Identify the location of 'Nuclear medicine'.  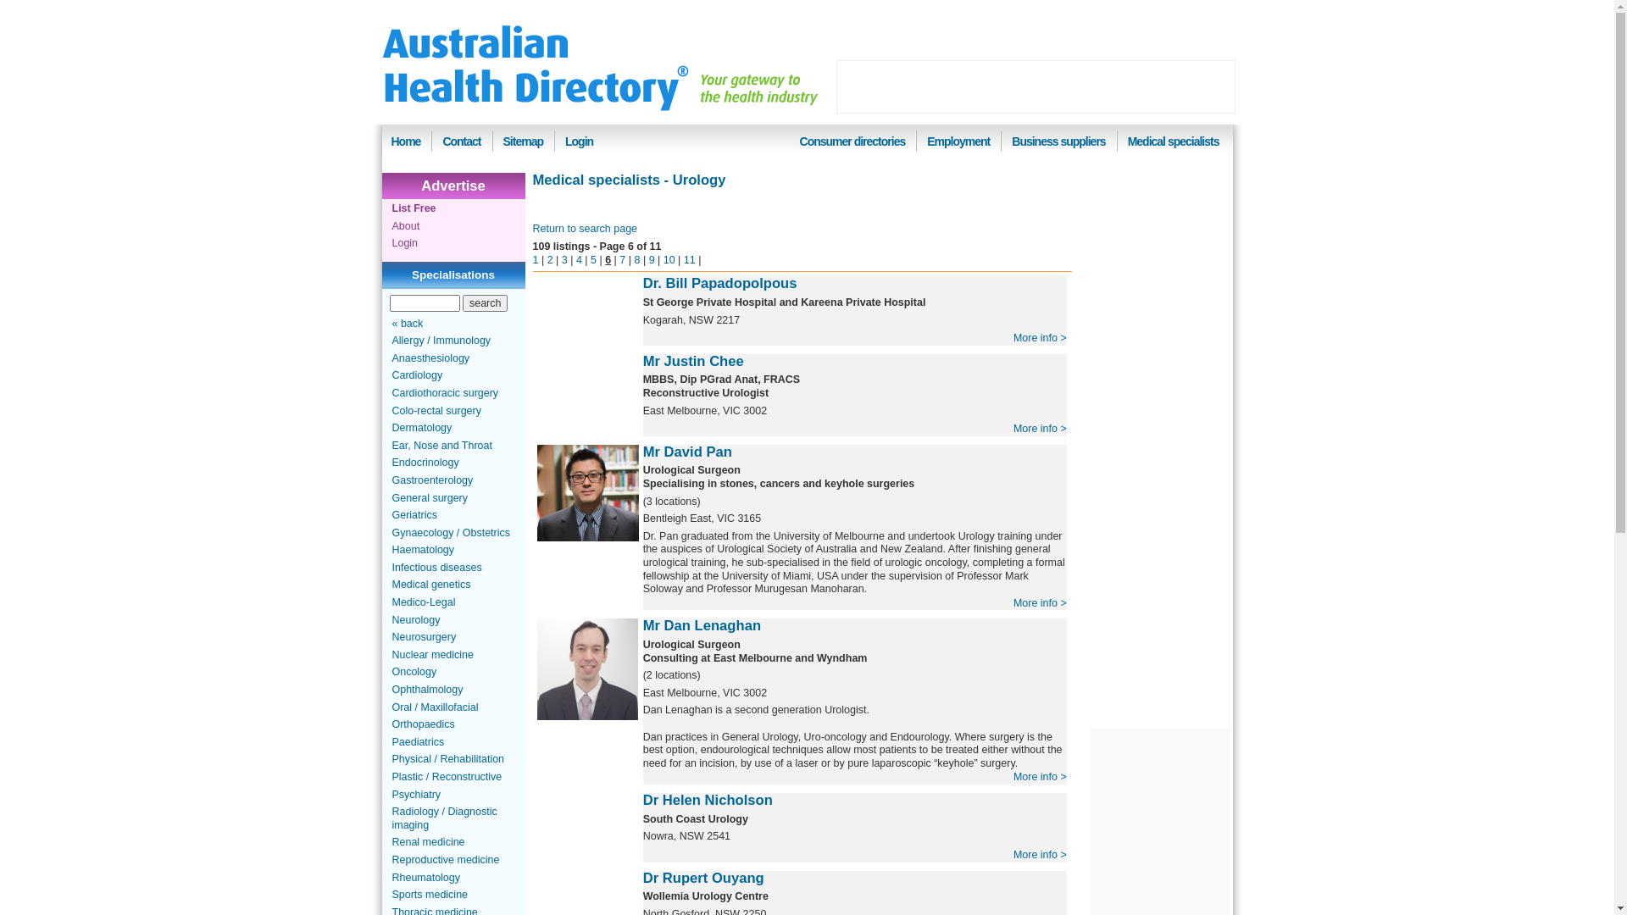
(390, 653).